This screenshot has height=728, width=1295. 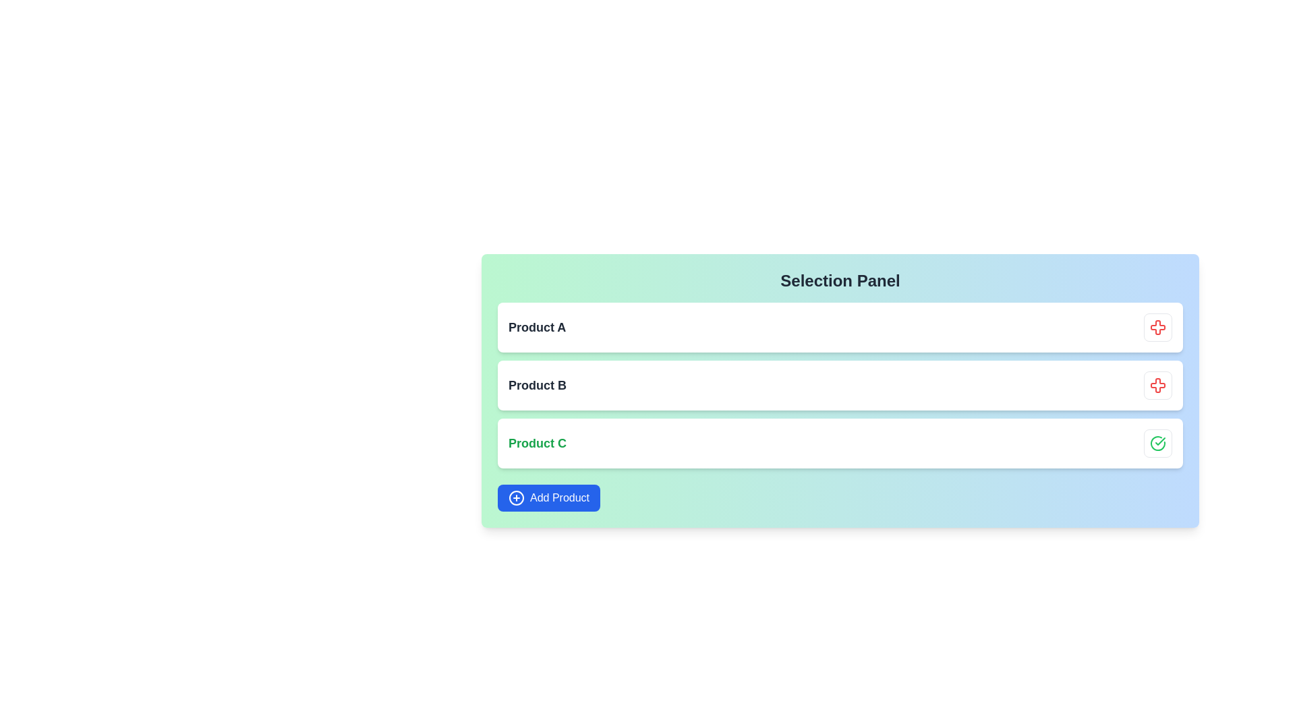 I want to click on the green circular icon with a check mark, positioned to the right of the 'Product C' label, so click(x=1157, y=444).